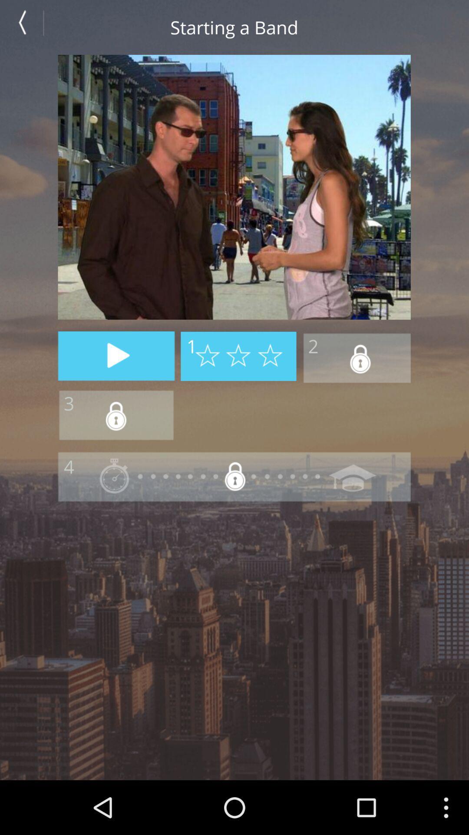  What do you see at coordinates (26, 27) in the screenshot?
I see `previous` at bounding box center [26, 27].